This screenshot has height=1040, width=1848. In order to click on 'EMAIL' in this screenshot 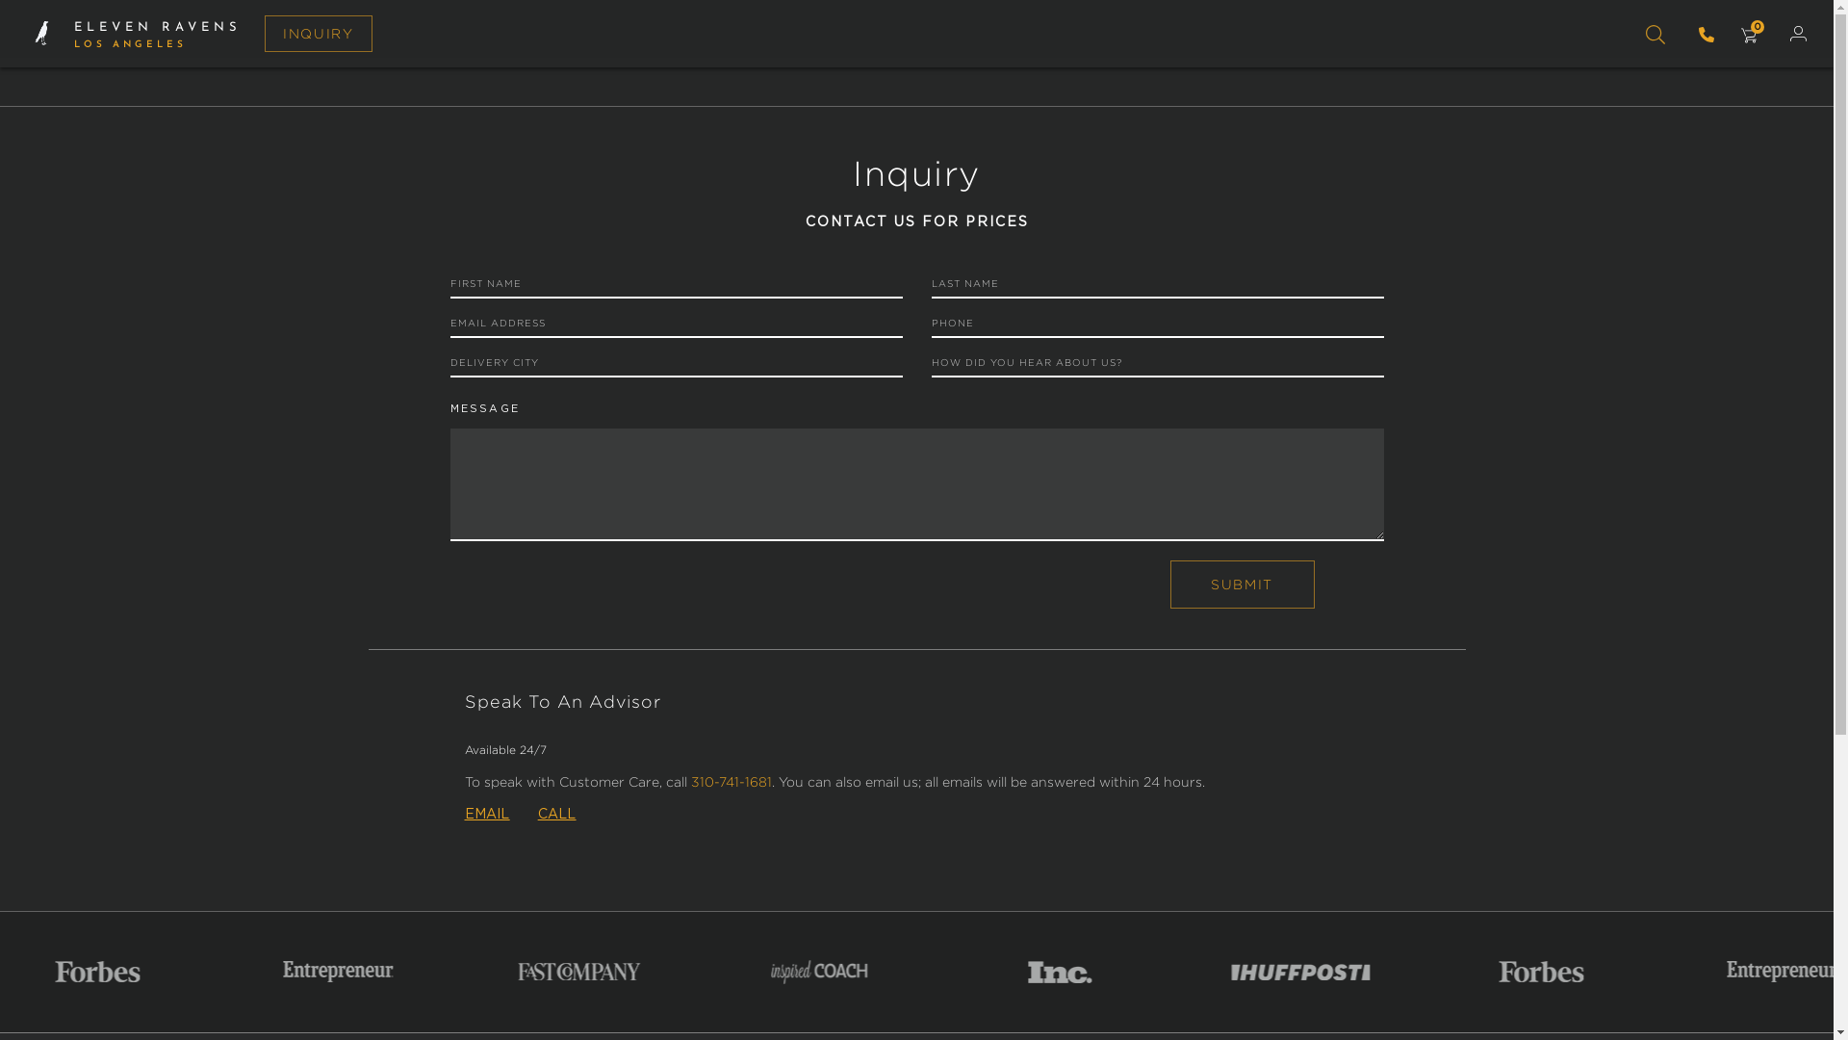, I will do `click(463, 814)`.